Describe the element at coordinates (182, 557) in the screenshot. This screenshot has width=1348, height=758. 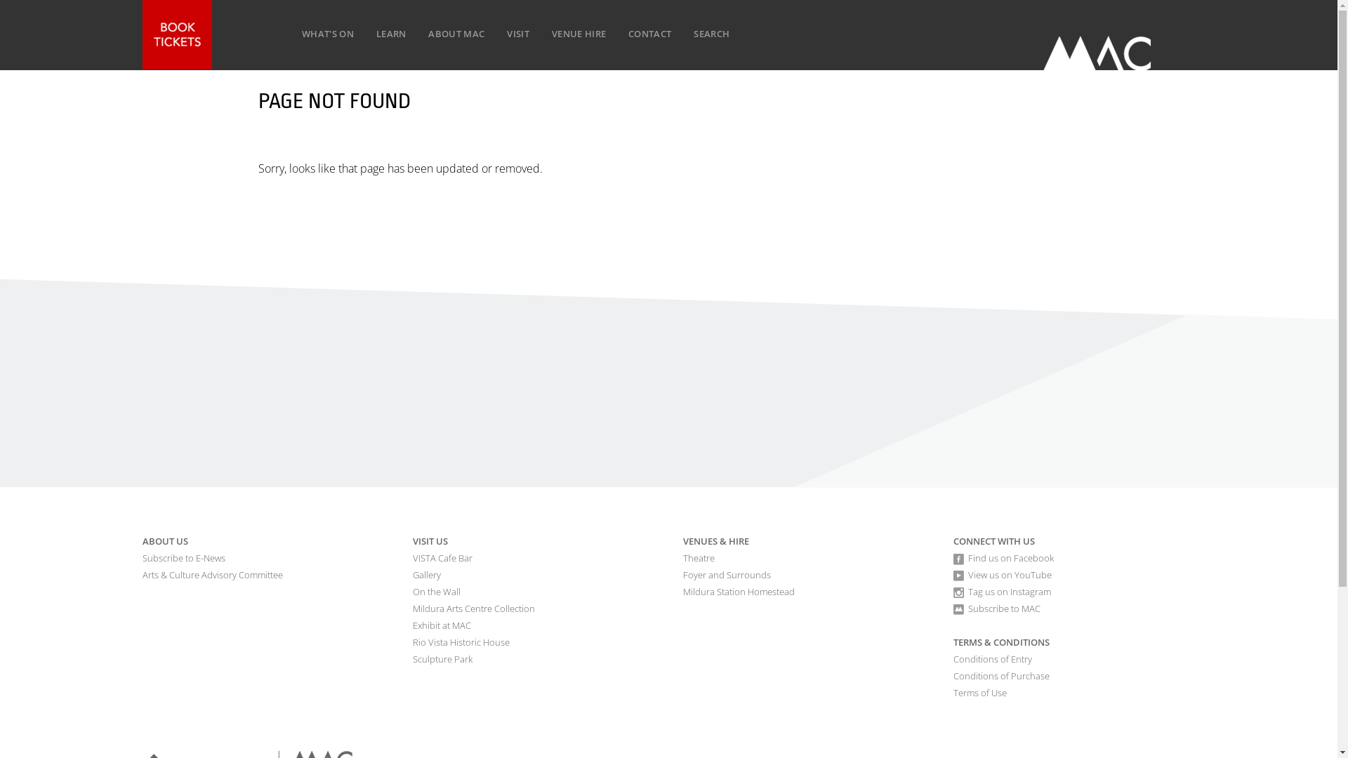
I see `'Subscribe to E-News'` at that location.